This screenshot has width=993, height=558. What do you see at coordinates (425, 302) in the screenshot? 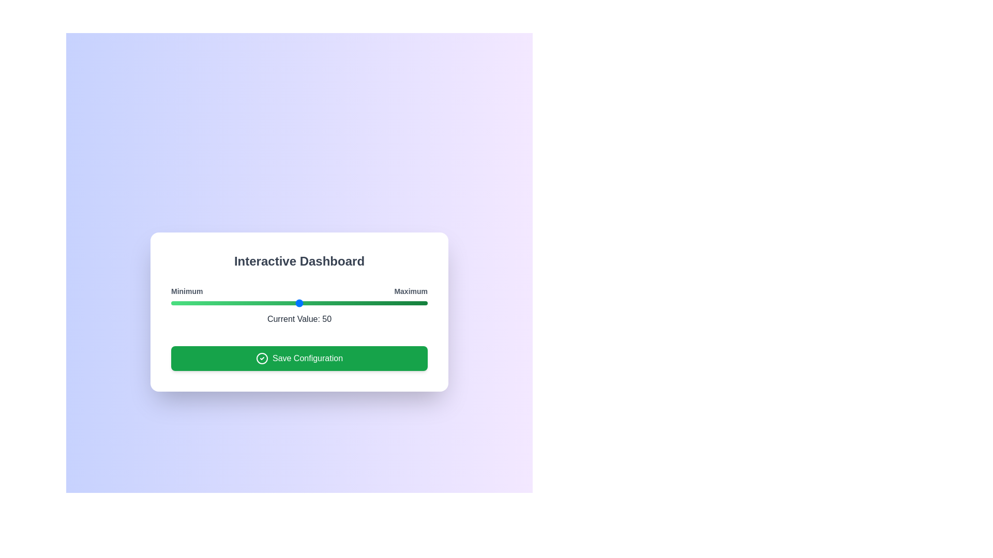
I see `the slider to set its value to 99` at bounding box center [425, 302].